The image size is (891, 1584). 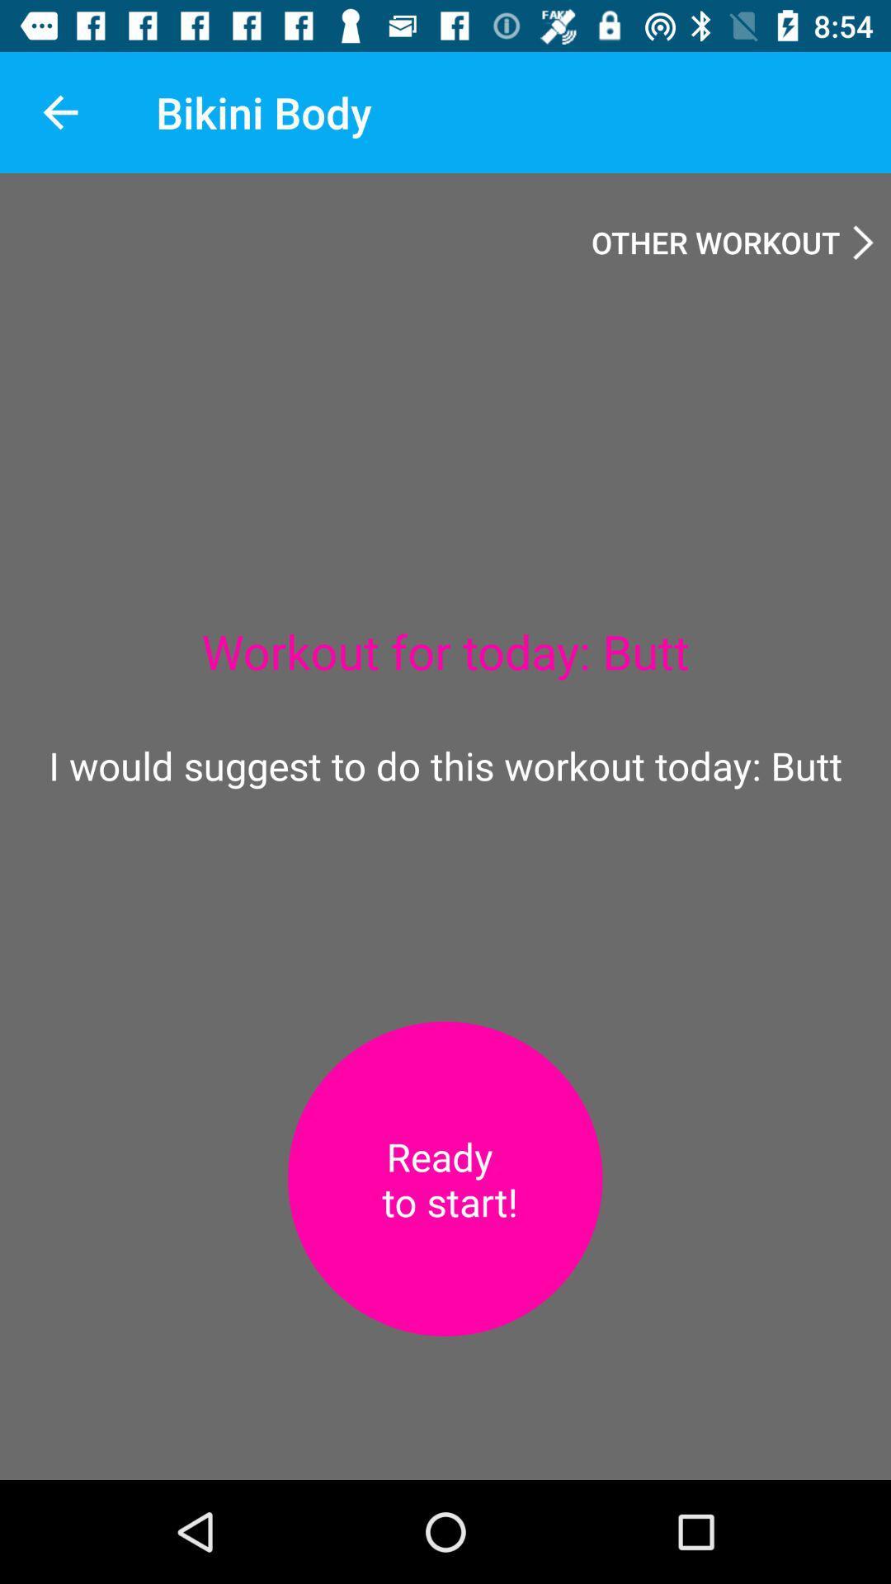 What do you see at coordinates (444, 1178) in the screenshot?
I see `icon below i would suggest` at bounding box center [444, 1178].